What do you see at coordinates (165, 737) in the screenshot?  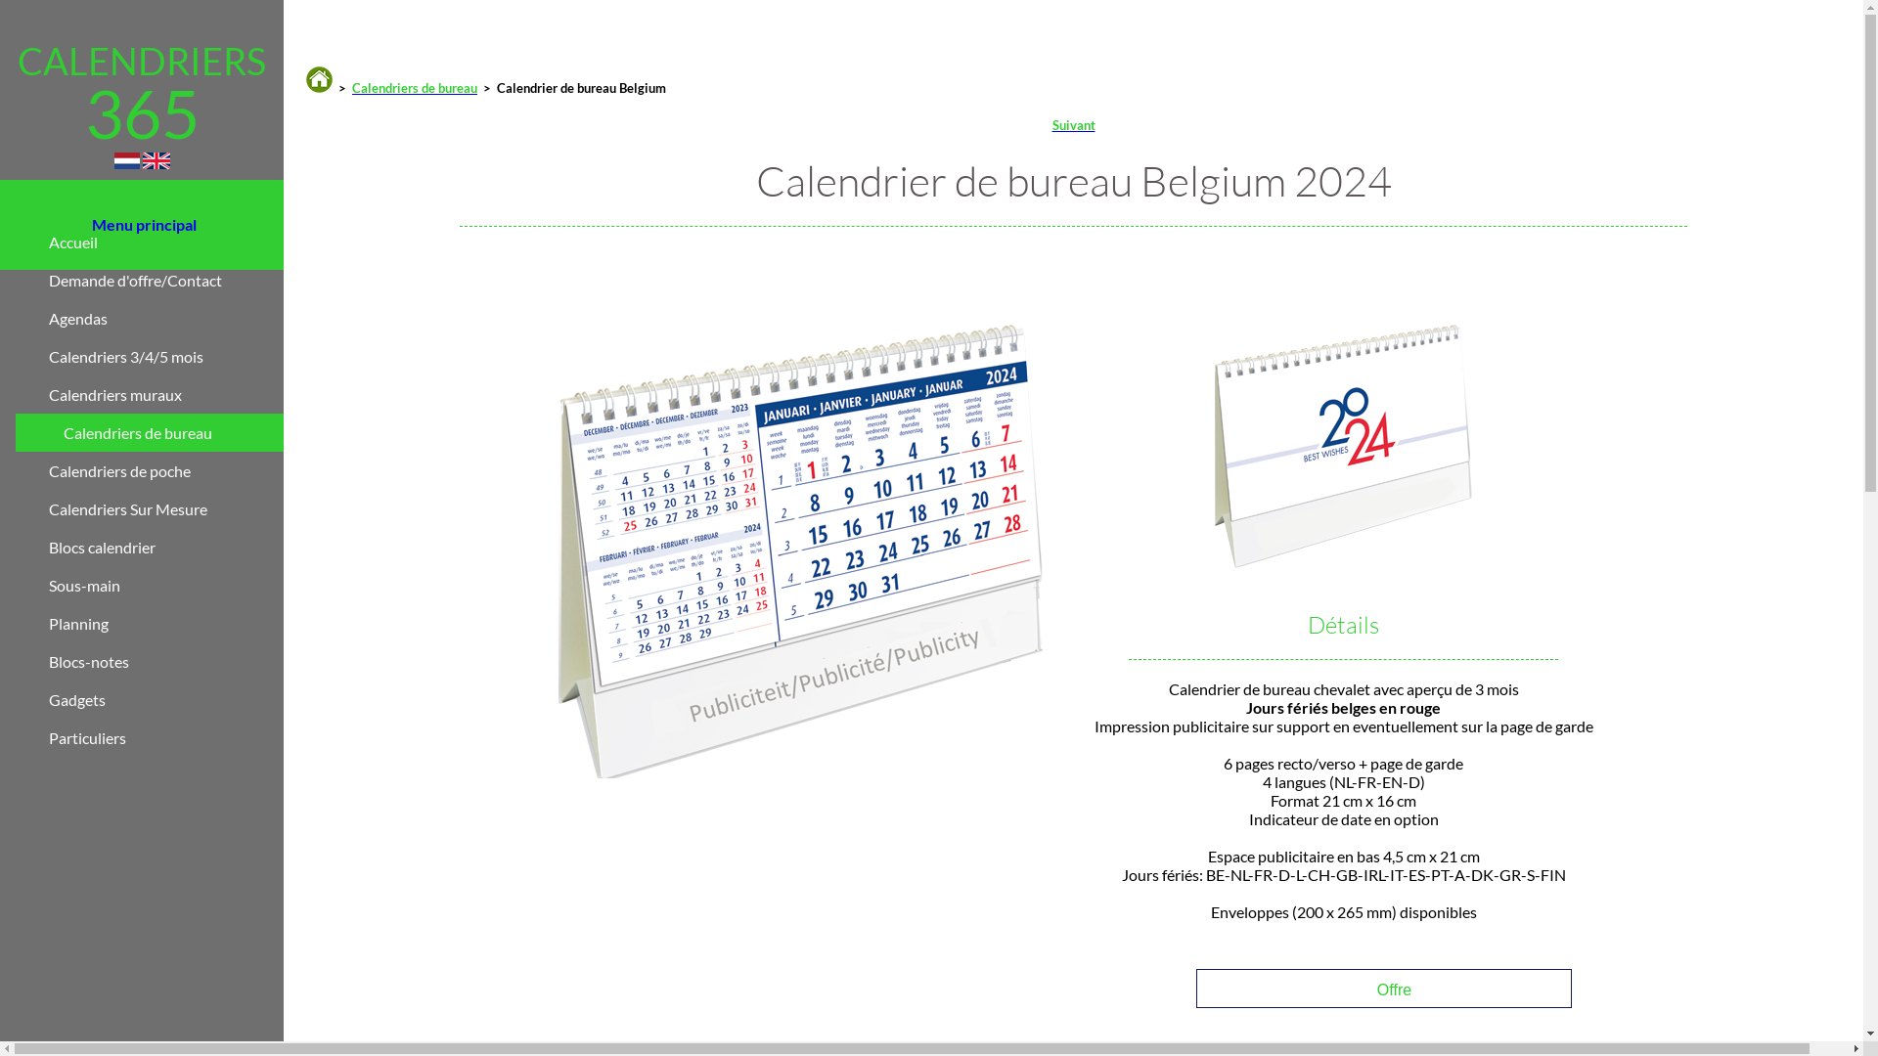 I see `'Particuliers'` at bounding box center [165, 737].